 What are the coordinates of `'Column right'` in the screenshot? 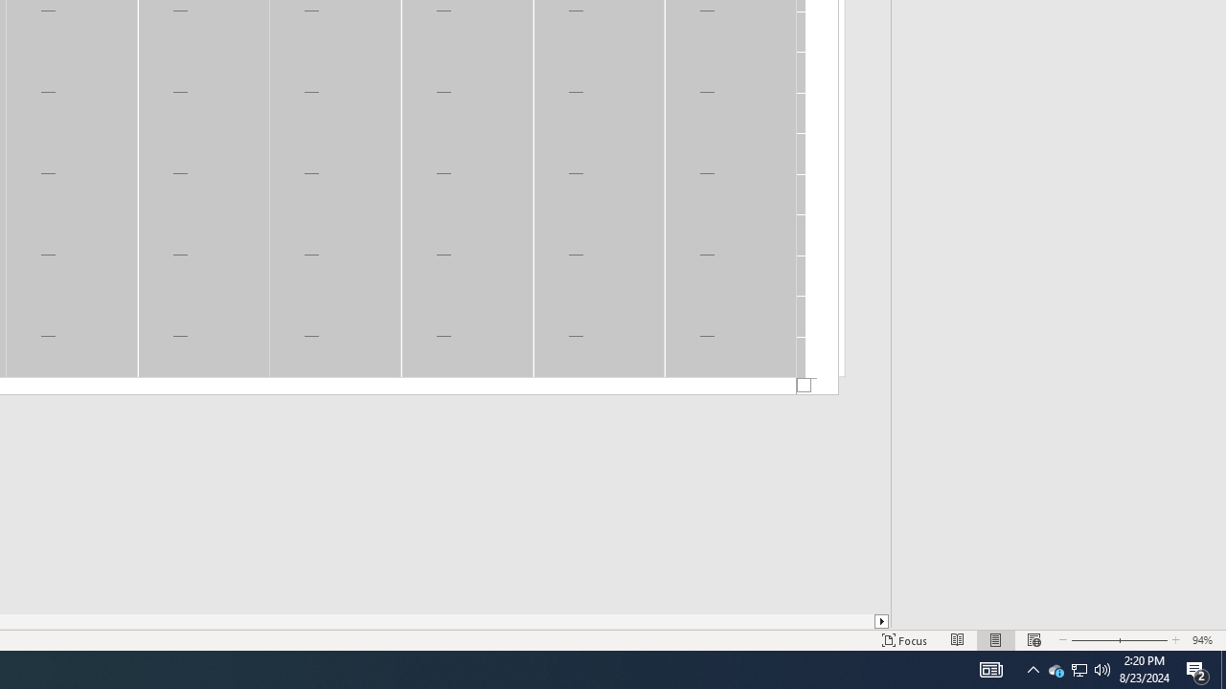 It's located at (881, 621).